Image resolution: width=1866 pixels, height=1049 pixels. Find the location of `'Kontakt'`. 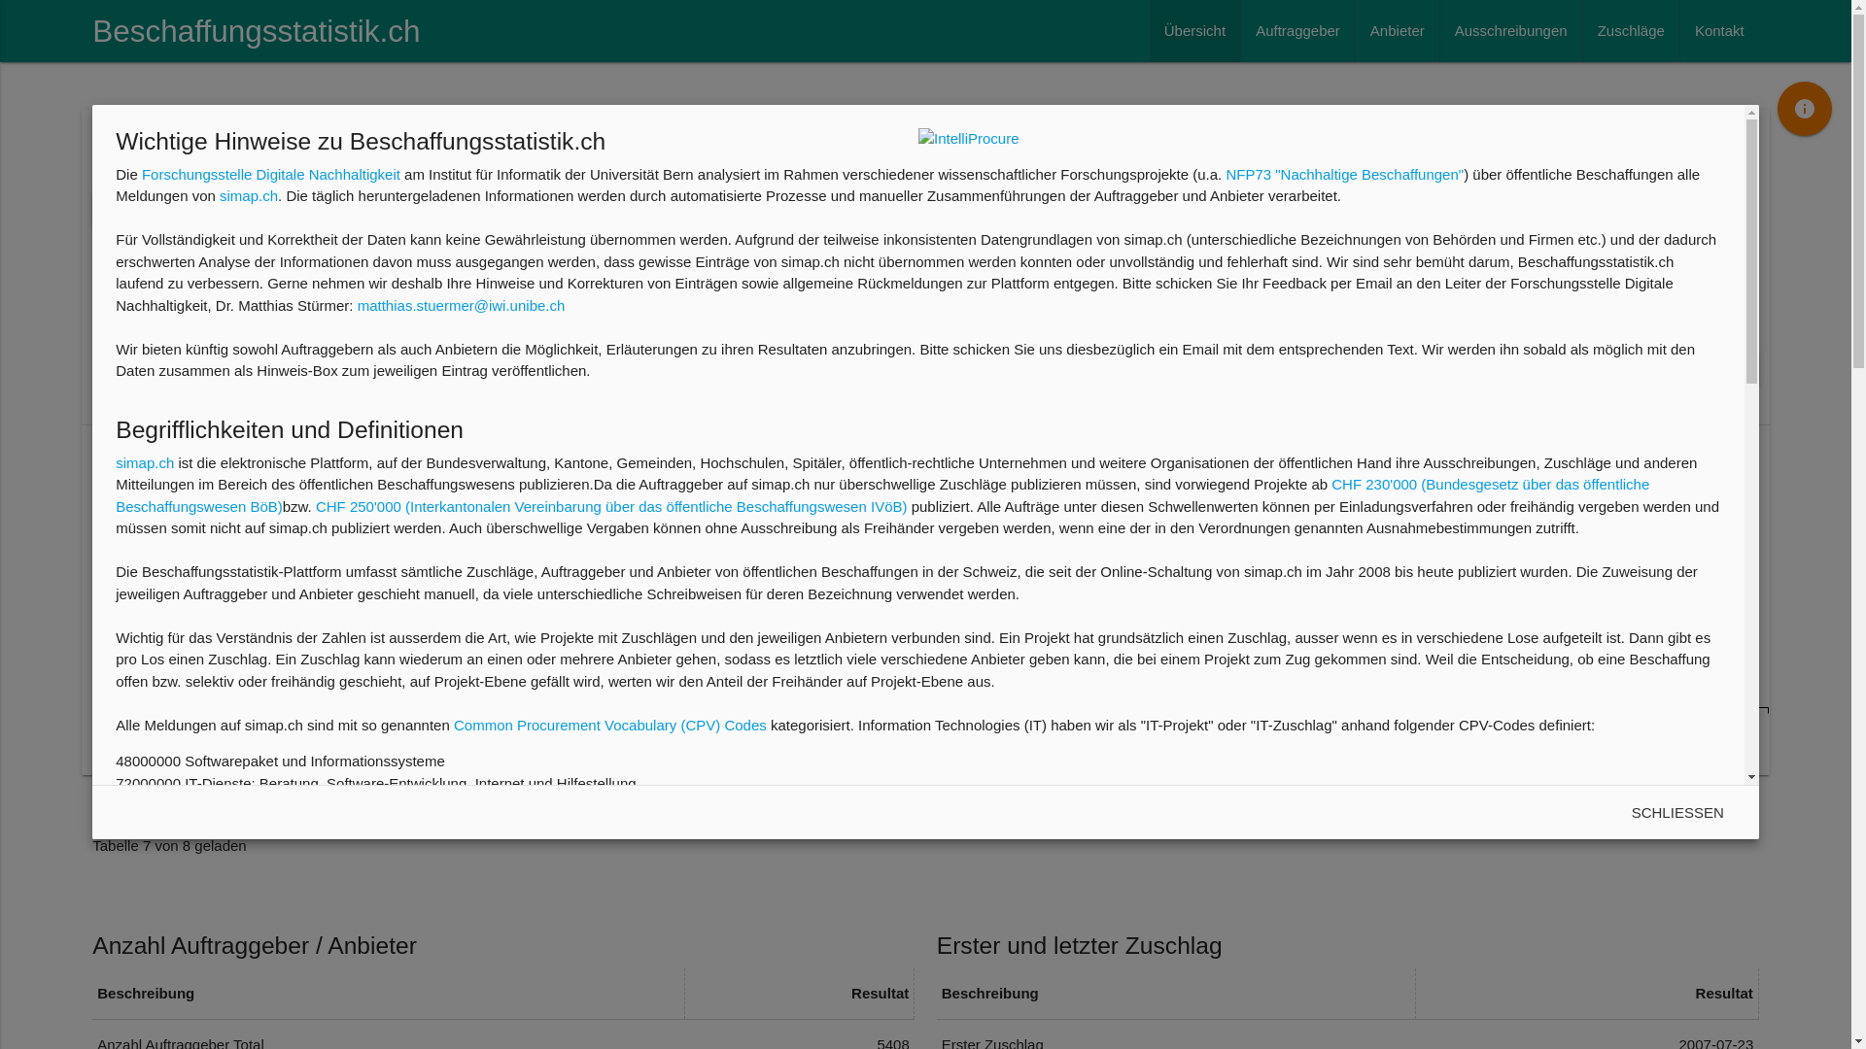

'Kontakt' is located at coordinates (1719, 30).